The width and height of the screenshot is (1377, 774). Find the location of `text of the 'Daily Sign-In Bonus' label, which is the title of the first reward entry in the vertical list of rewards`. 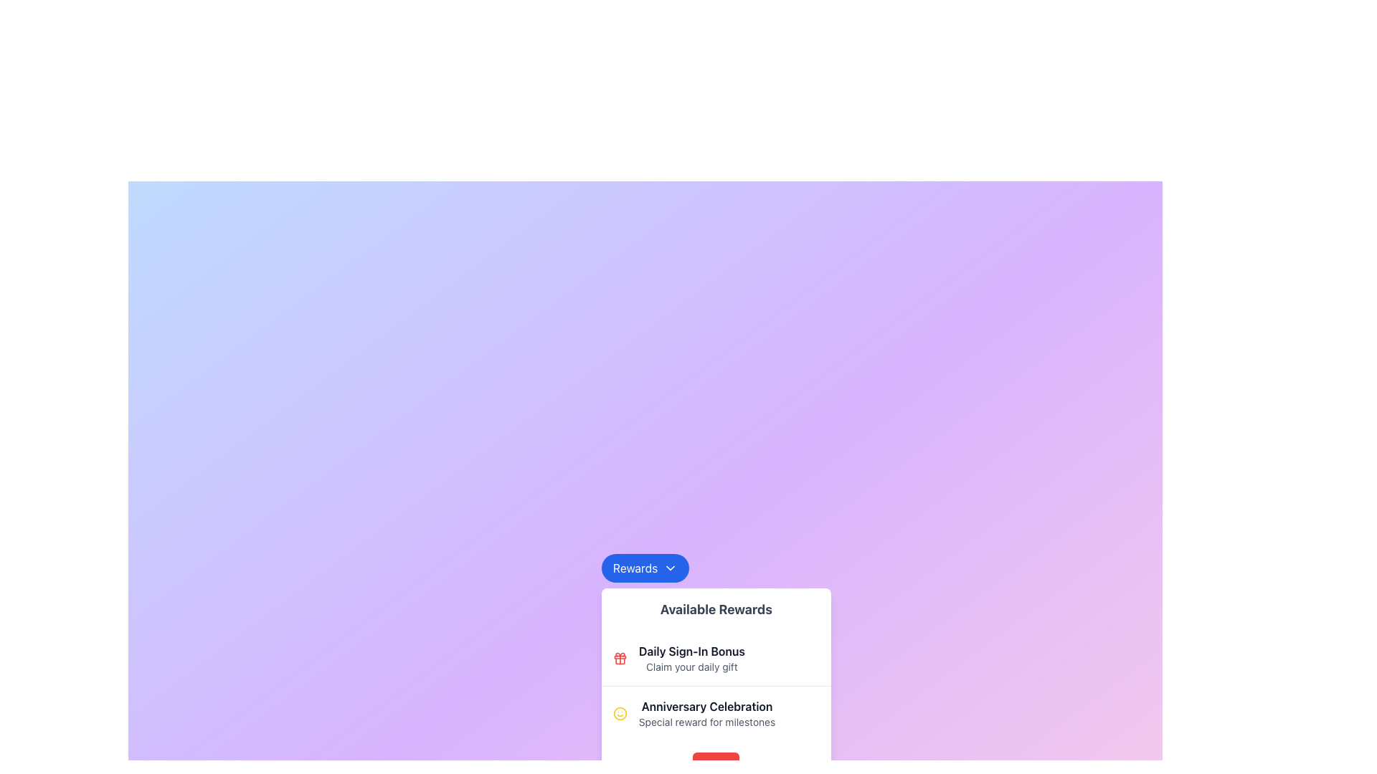

text of the 'Daily Sign-In Bonus' label, which is the title of the first reward entry in the vertical list of rewards is located at coordinates (691, 651).